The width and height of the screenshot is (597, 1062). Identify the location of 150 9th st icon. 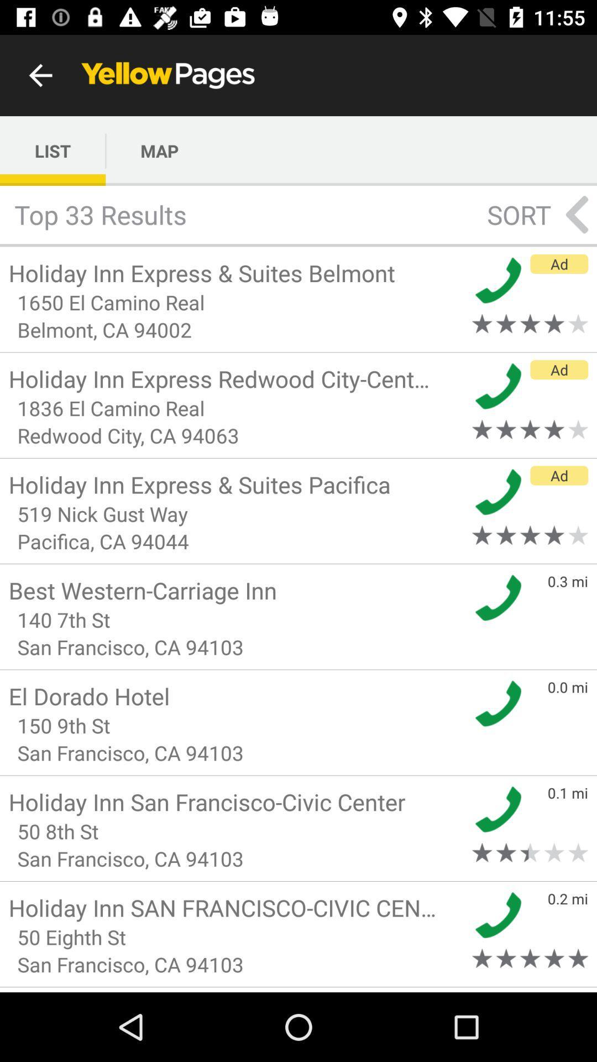
(236, 725).